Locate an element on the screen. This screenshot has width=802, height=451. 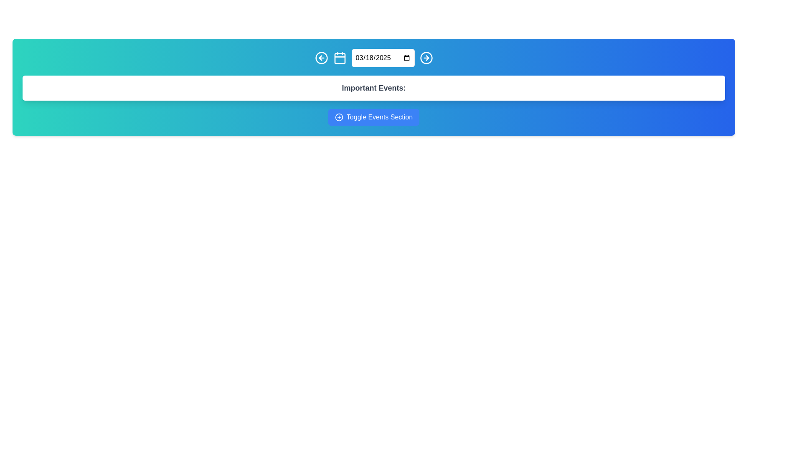
the toggle button labeled 'Toggle Events Section' is located at coordinates (339, 117).